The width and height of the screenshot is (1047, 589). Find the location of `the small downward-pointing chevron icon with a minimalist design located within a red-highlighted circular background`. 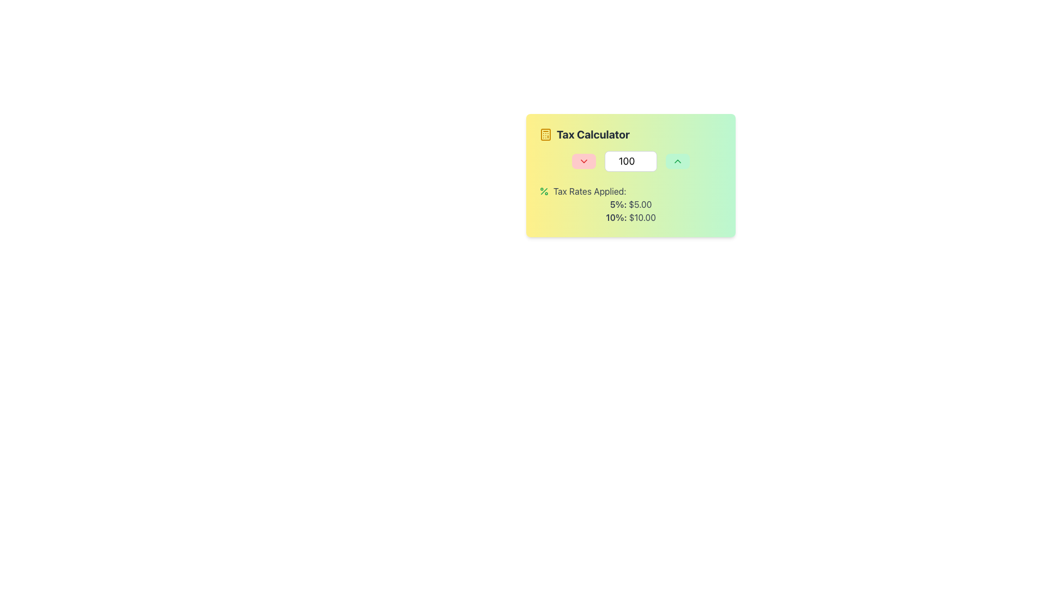

the small downward-pointing chevron icon with a minimalist design located within a red-highlighted circular background is located at coordinates (583, 161).